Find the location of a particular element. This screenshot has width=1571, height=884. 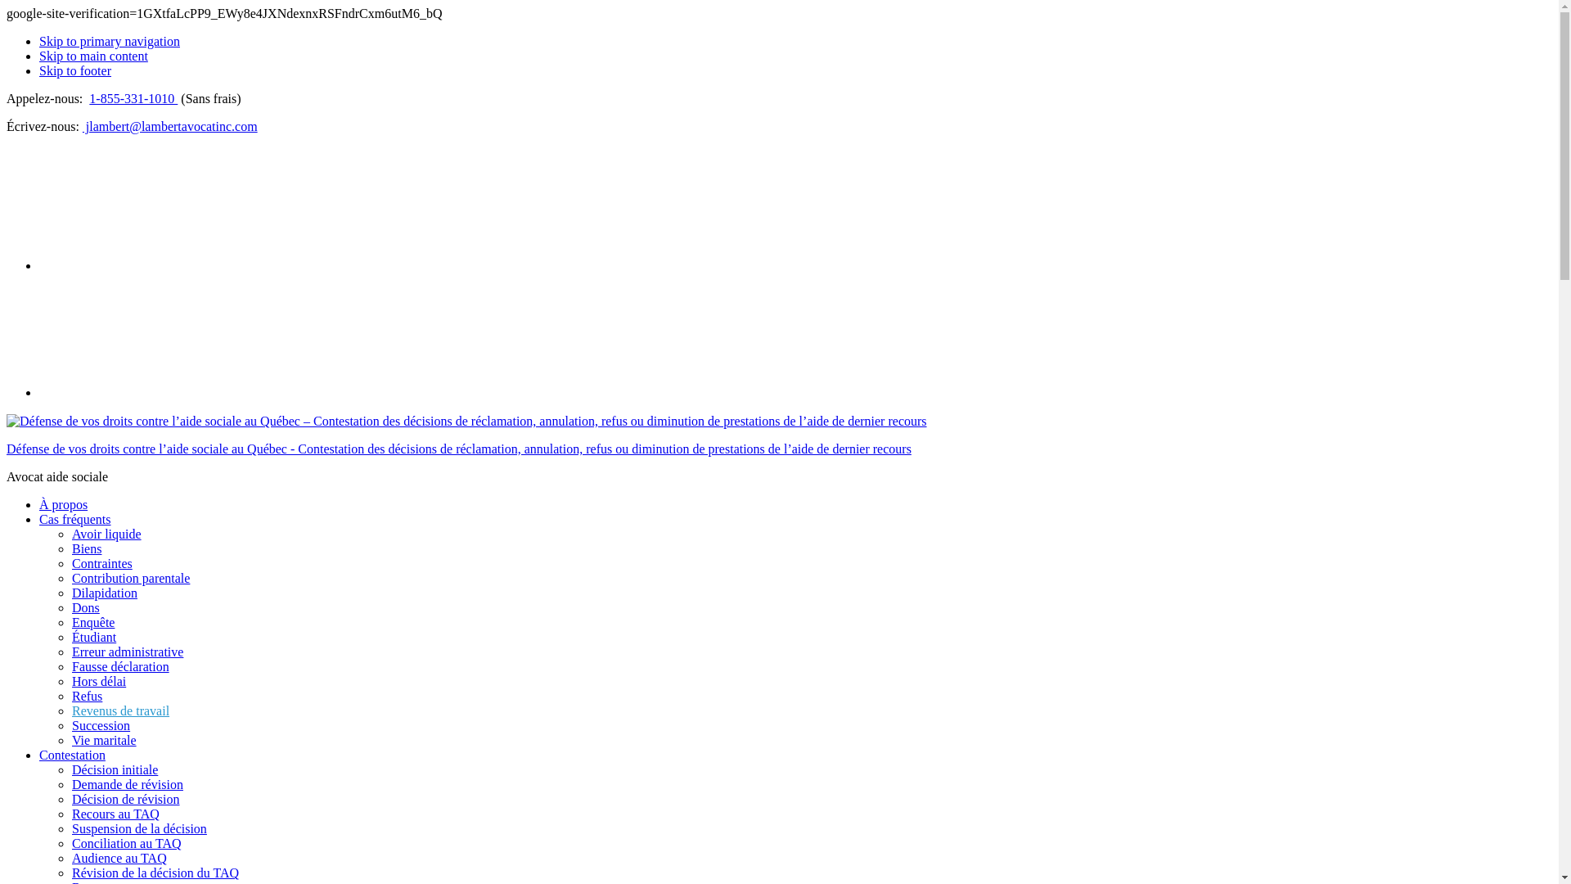

'Contribution parentale' is located at coordinates (70, 577).